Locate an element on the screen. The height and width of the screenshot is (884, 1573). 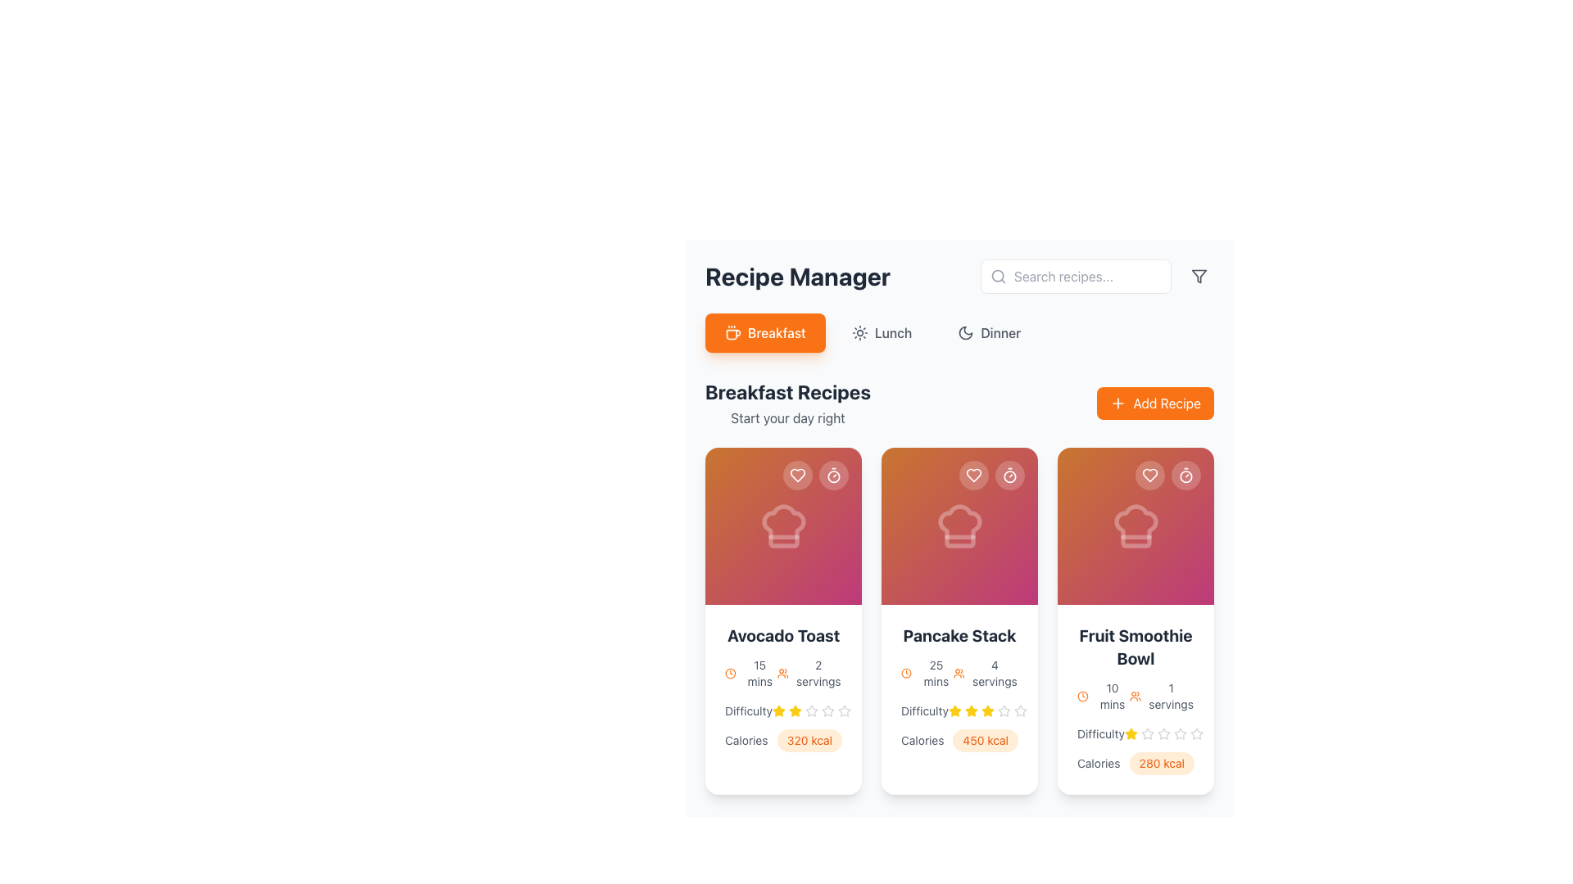
the fourth star icon in the rating system for the 'Avocado Toast' recipe is located at coordinates (811, 710).